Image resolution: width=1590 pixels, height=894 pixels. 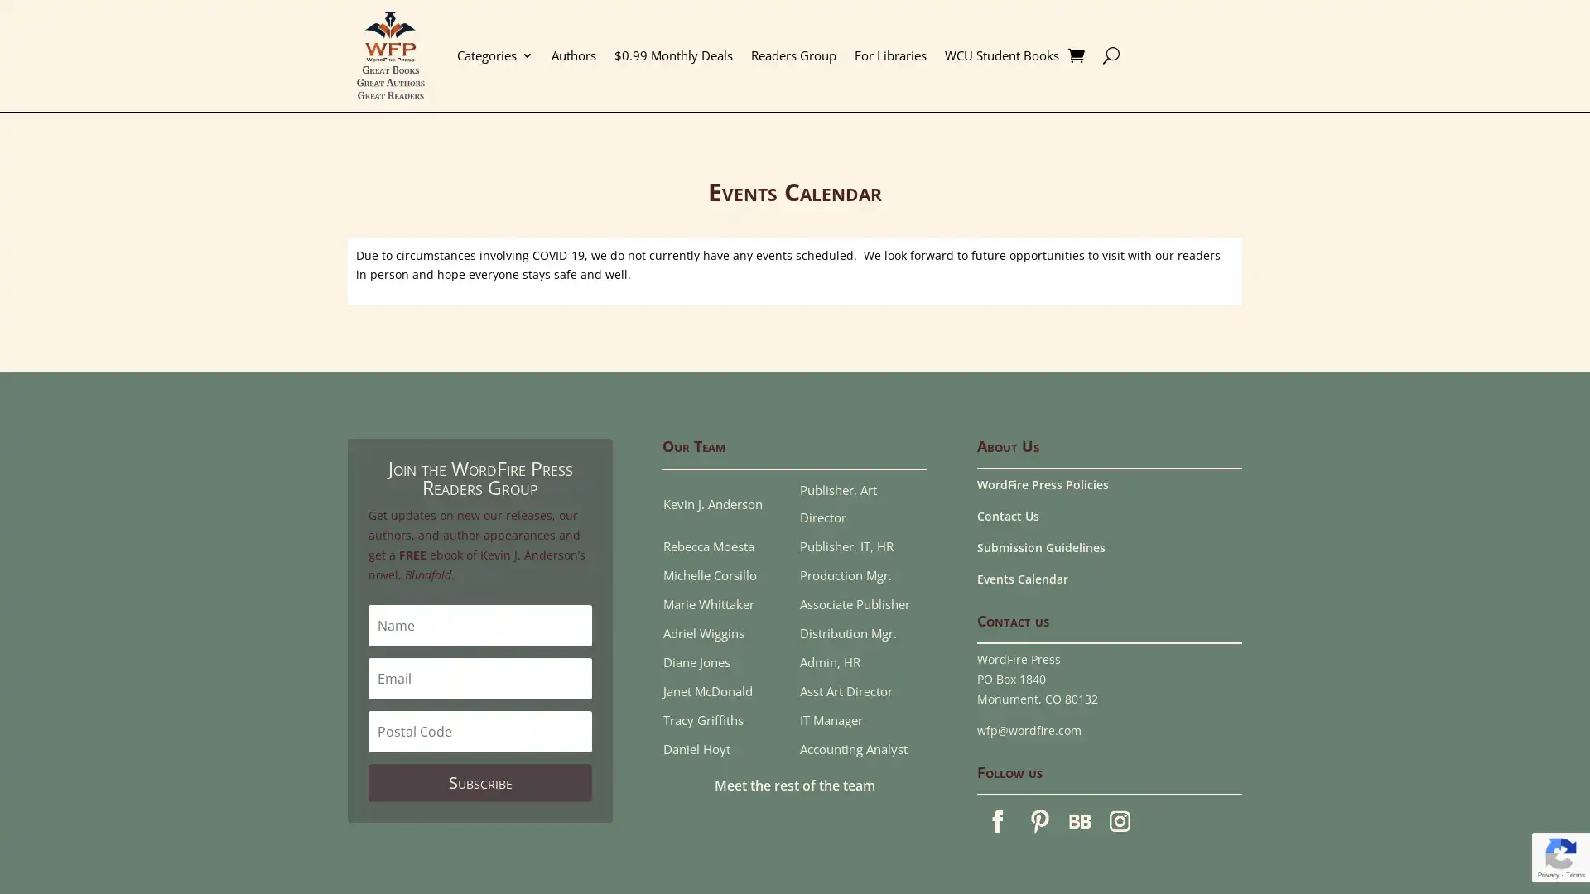 I want to click on U, so click(x=1110, y=54).